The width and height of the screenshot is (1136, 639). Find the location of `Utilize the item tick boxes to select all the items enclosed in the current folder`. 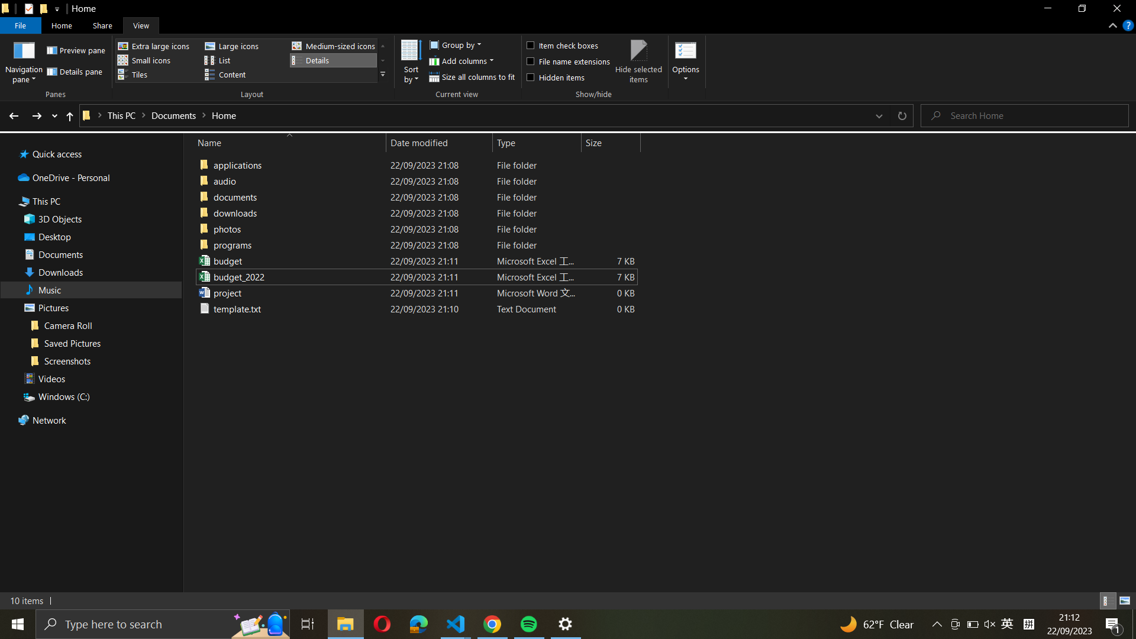

Utilize the item tick boxes to select all the items enclosed in the current folder is located at coordinates (566, 43).